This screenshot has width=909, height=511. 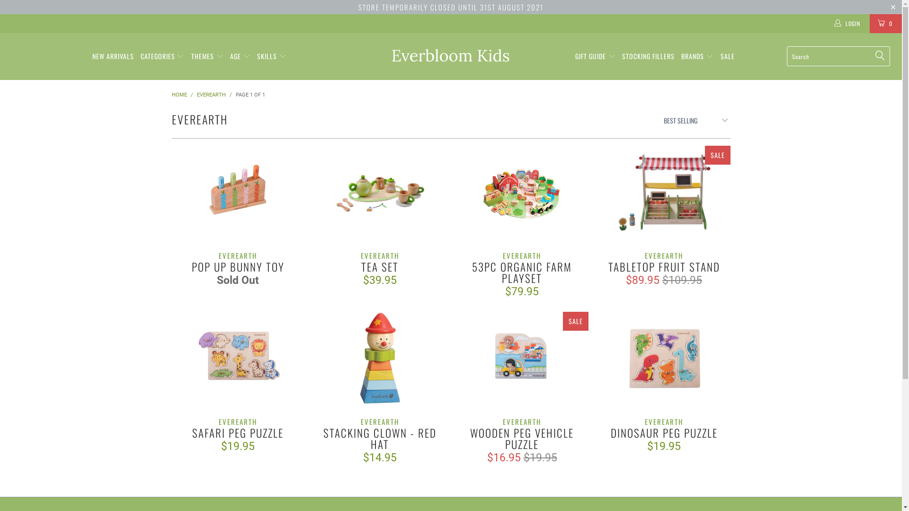 What do you see at coordinates (697, 56) in the screenshot?
I see `'BRANDS'` at bounding box center [697, 56].